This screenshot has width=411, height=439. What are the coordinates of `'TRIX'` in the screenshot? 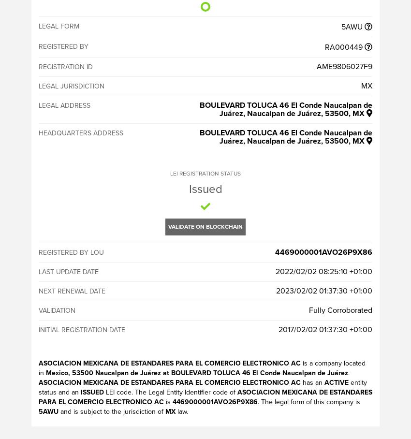 It's located at (297, 29).